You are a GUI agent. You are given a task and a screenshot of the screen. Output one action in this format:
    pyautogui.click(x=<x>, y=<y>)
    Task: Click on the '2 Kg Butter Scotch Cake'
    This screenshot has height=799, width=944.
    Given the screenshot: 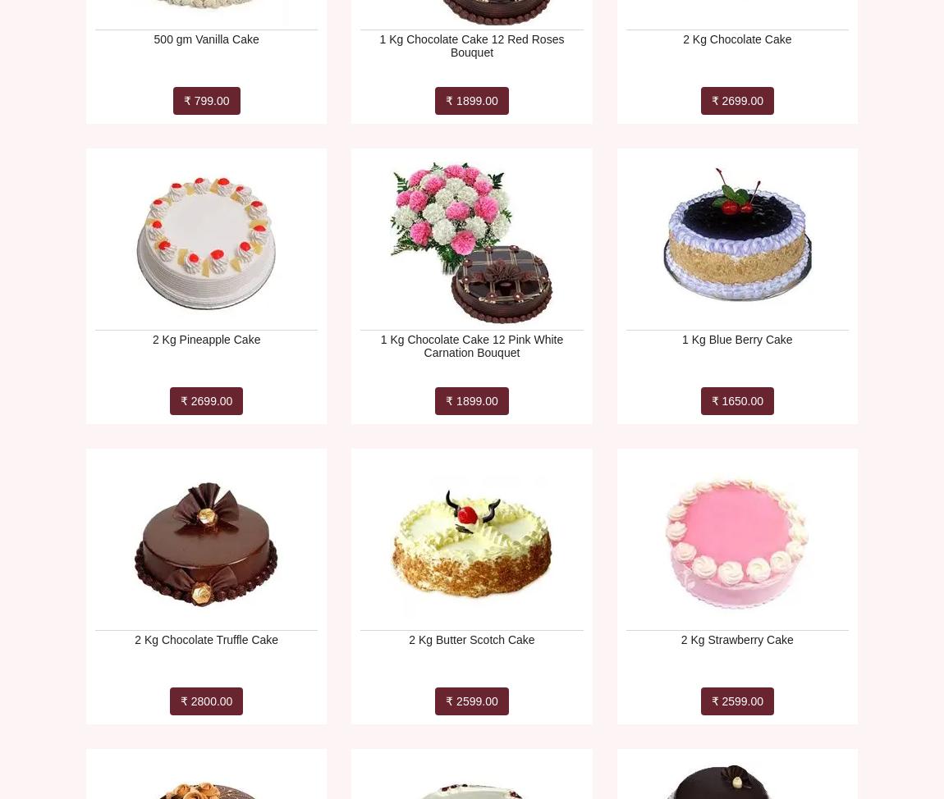 What is the action you would take?
    pyautogui.click(x=471, y=638)
    